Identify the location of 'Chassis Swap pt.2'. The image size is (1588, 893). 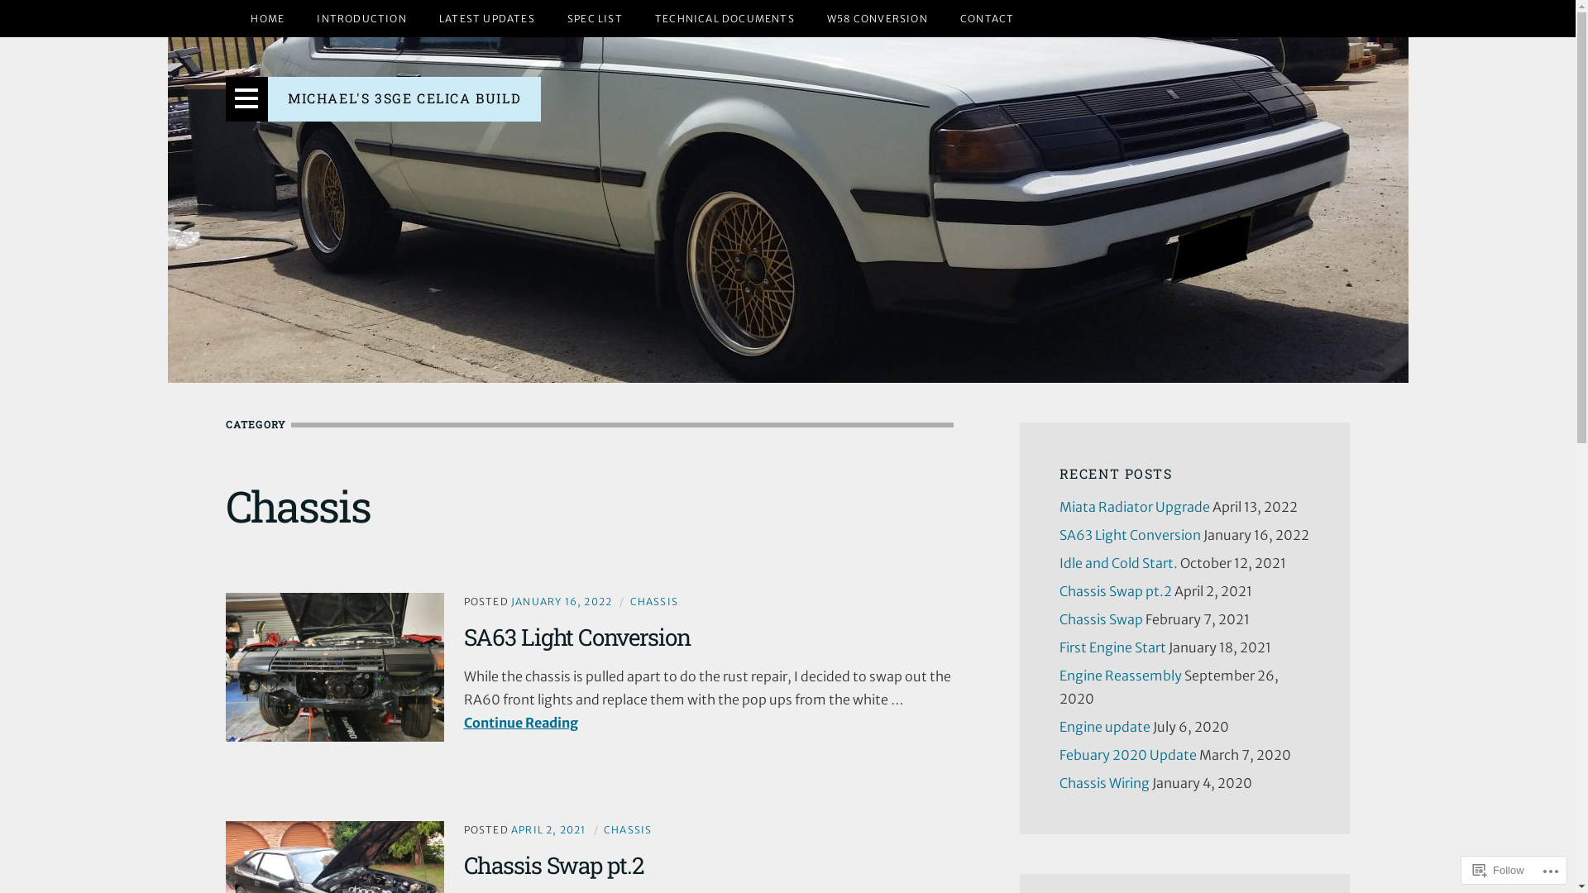
(552, 864).